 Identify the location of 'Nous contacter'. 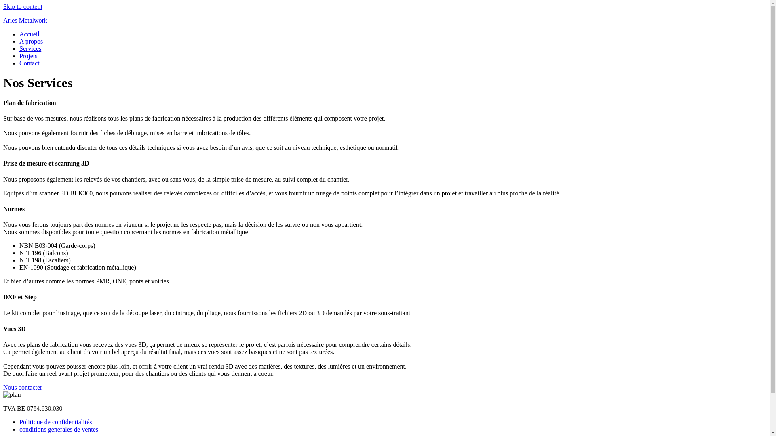
(23, 387).